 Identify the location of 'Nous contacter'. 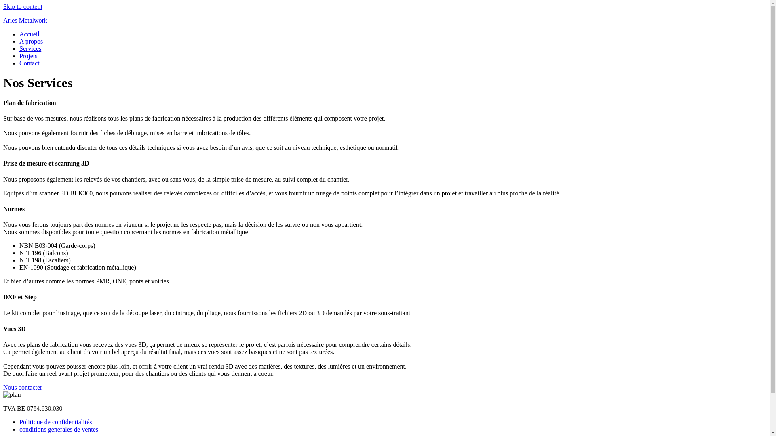
(23, 387).